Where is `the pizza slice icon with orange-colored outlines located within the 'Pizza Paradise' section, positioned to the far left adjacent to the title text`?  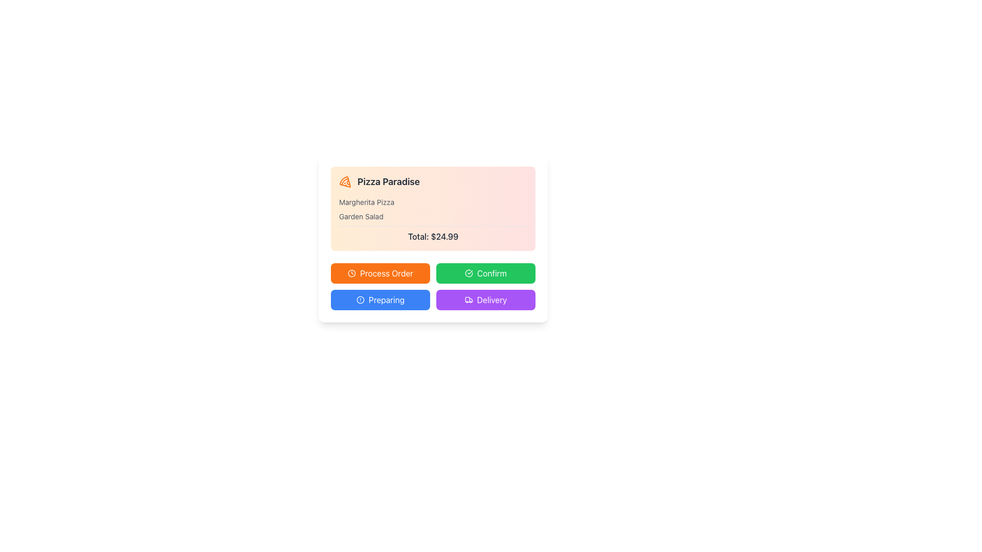
the pizza slice icon with orange-colored outlines located within the 'Pizza Paradise' section, positioned to the far left adjacent to the title text is located at coordinates (345, 181).